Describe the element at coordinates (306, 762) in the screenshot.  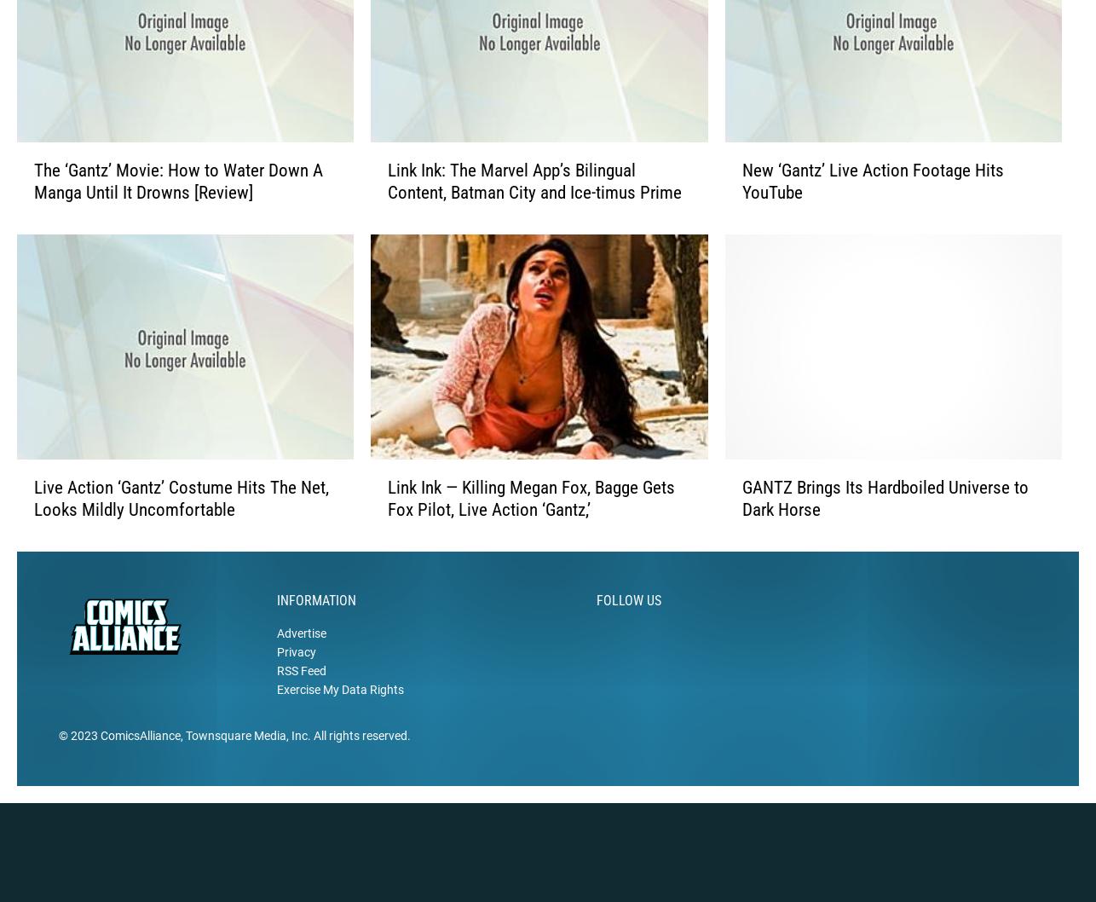
I see `'. All rights reserved.'` at that location.